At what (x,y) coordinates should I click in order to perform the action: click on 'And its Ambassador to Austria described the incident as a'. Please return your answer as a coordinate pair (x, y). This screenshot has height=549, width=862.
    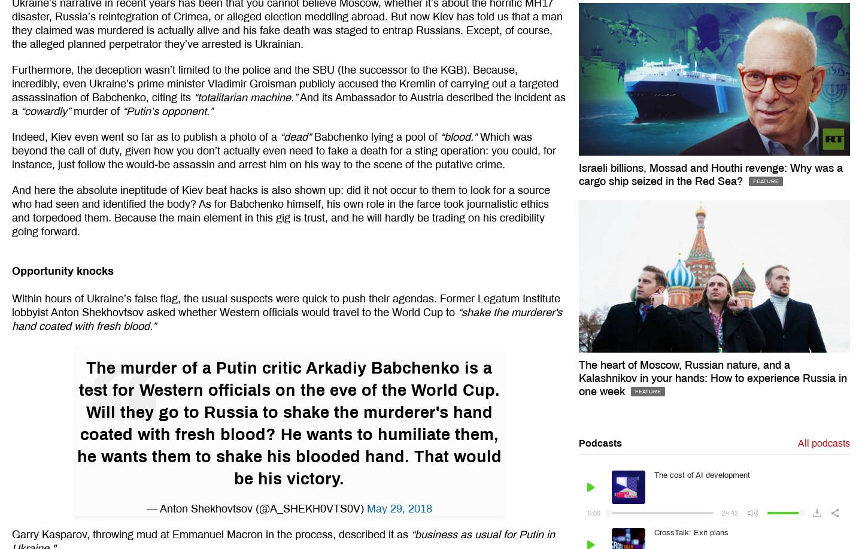
    Looking at the image, I should click on (288, 104).